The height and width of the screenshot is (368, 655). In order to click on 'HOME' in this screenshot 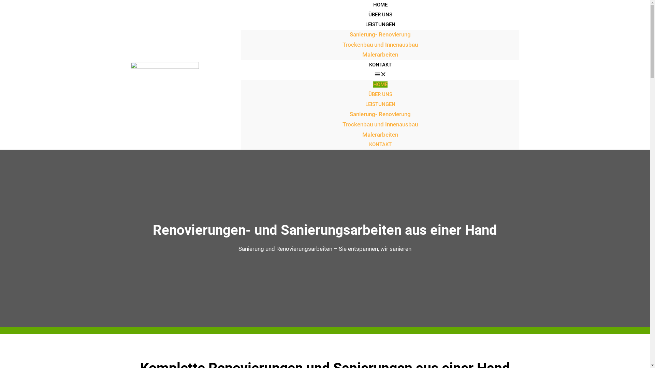, I will do `click(380, 84)`.